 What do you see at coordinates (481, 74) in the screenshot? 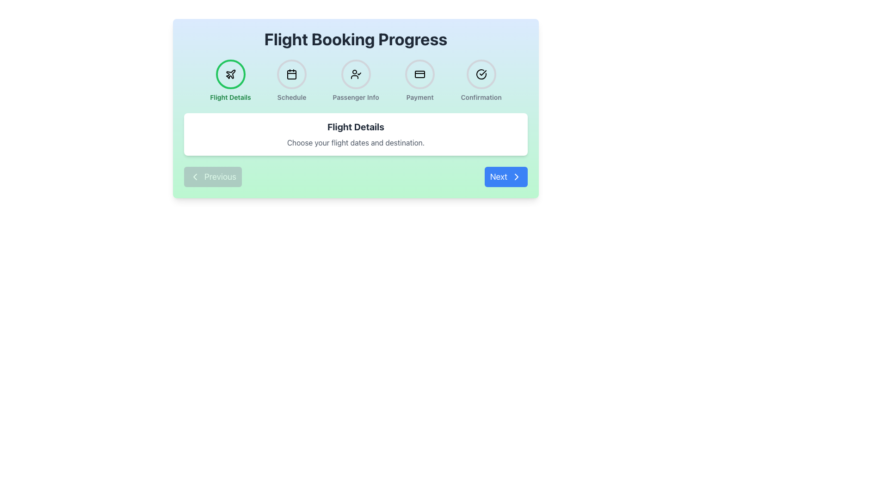
I see `the status of the circular icon with a checkmark inside, which is the rightmost item in the horizontal sequence of icons at the top of the interface` at bounding box center [481, 74].